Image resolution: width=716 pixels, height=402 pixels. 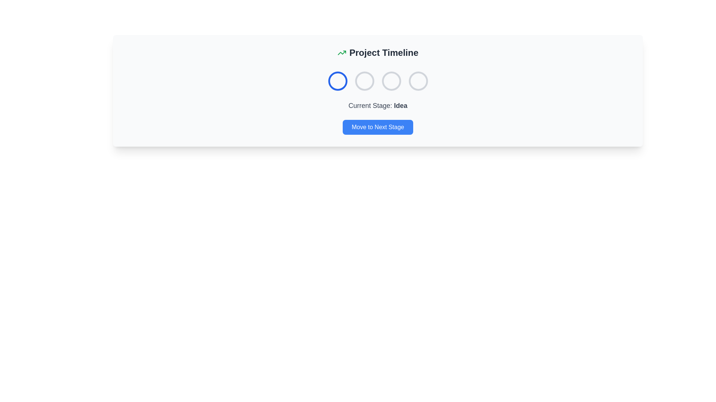 I want to click on the Progress Indicator located below the title 'Project Timeline' to navigate through stages, as it has interactive functionality, so click(x=378, y=81).